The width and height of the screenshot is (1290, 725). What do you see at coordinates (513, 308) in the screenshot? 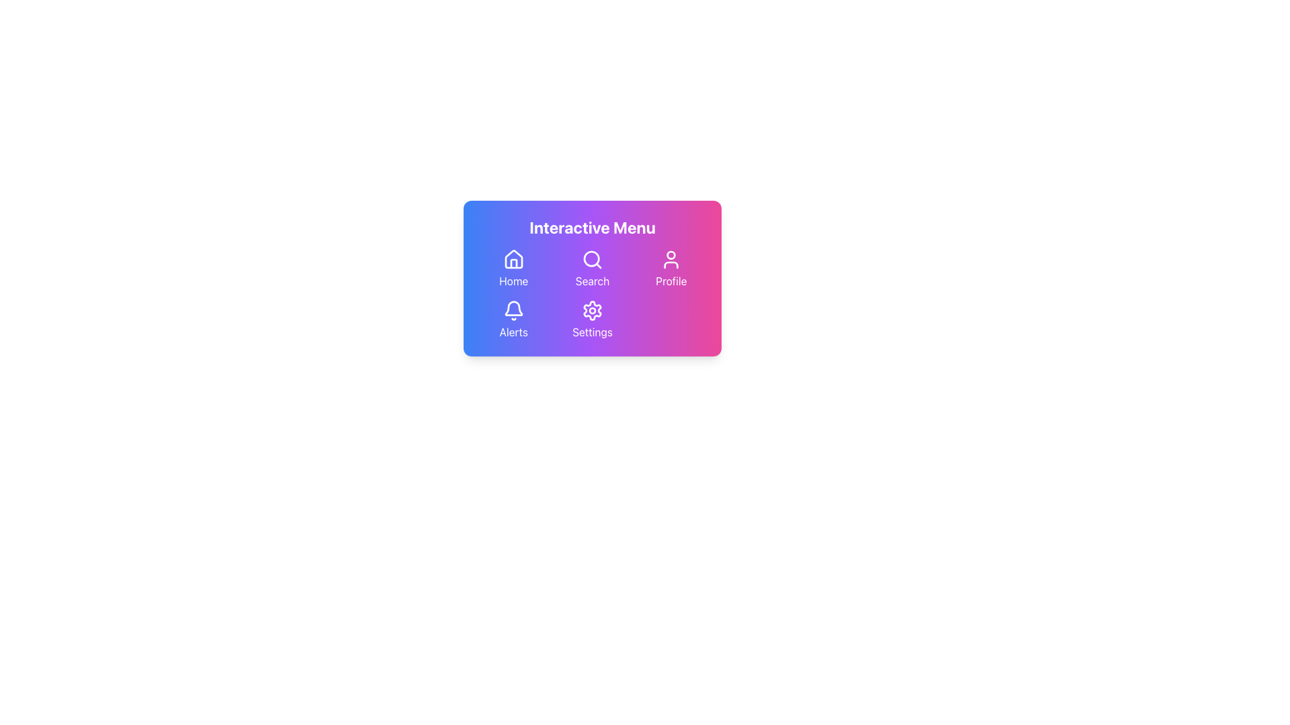
I see `the bell icon in the 'Alerts' section` at bounding box center [513, 308].